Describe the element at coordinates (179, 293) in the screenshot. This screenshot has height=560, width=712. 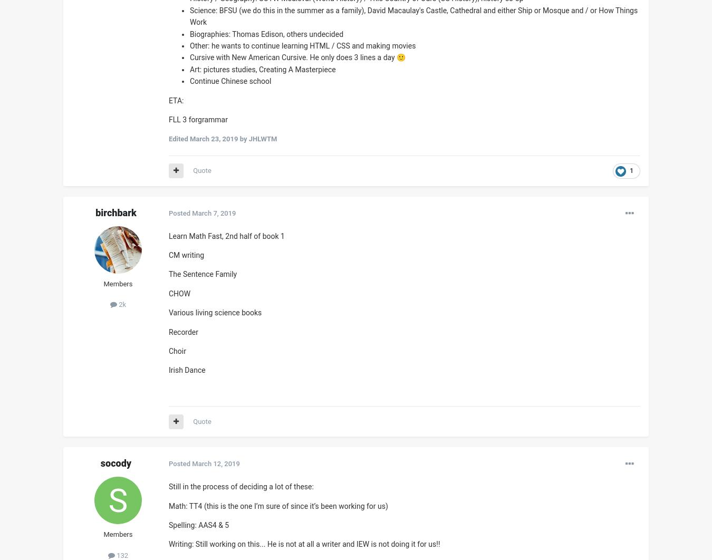
I see `'CHOW'` at that location.